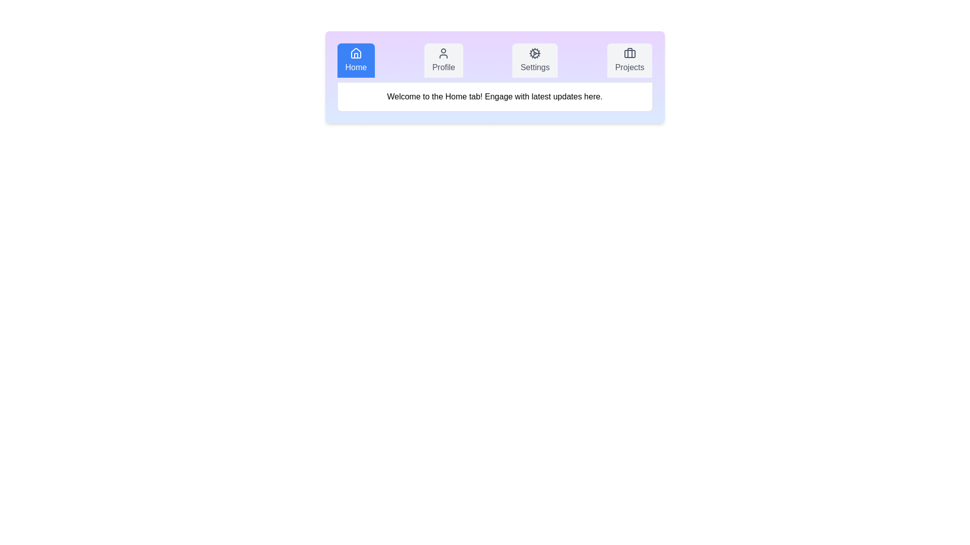  I want to click on the 'Projects' icon in the navigation bar, so click(629, 53).